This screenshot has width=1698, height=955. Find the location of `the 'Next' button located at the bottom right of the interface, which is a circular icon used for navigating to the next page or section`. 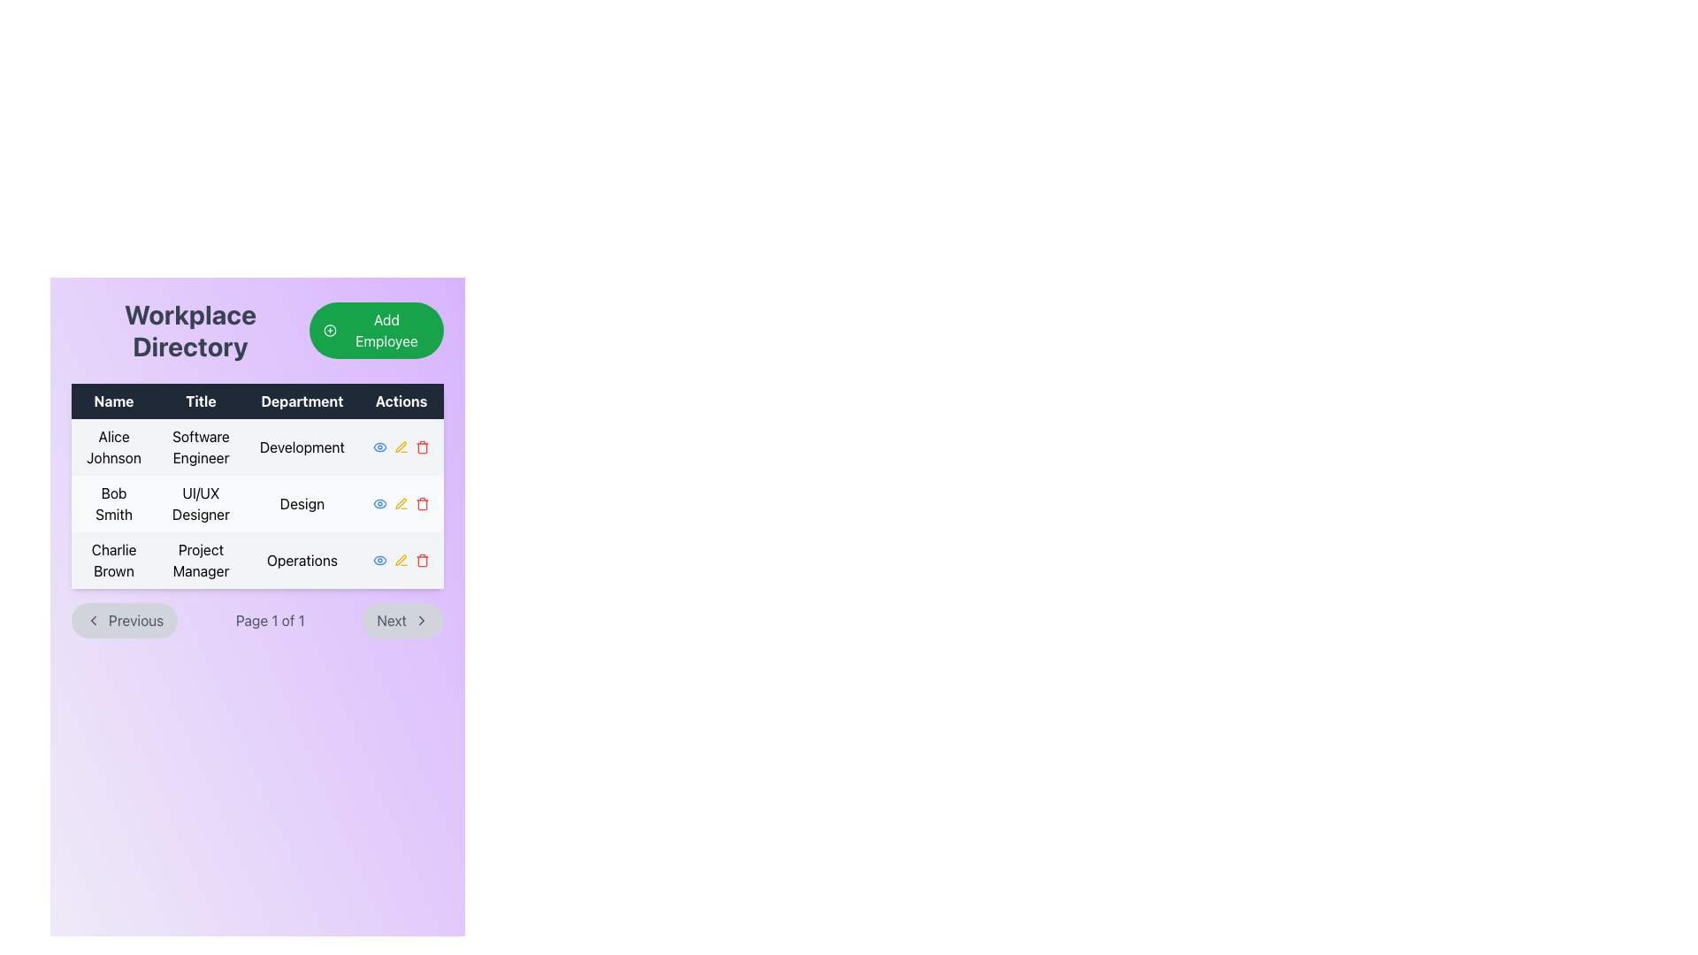

the 'Next' button located at the bottom right of the interface, which is a circular icon used for navigating to the next page or section is located at coordinates (420, 620).